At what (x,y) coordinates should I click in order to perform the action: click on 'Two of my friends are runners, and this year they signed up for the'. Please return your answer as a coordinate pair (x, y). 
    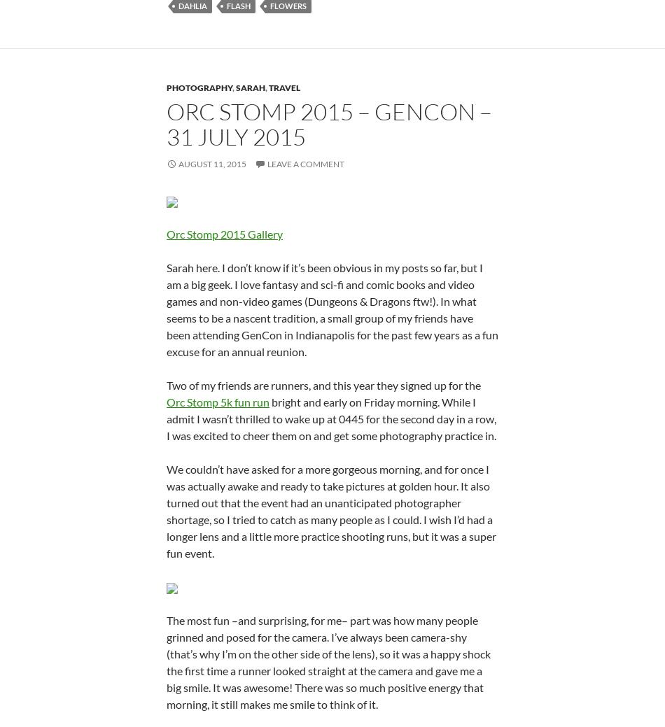
    Looking at the image, I should click on (166, 384).